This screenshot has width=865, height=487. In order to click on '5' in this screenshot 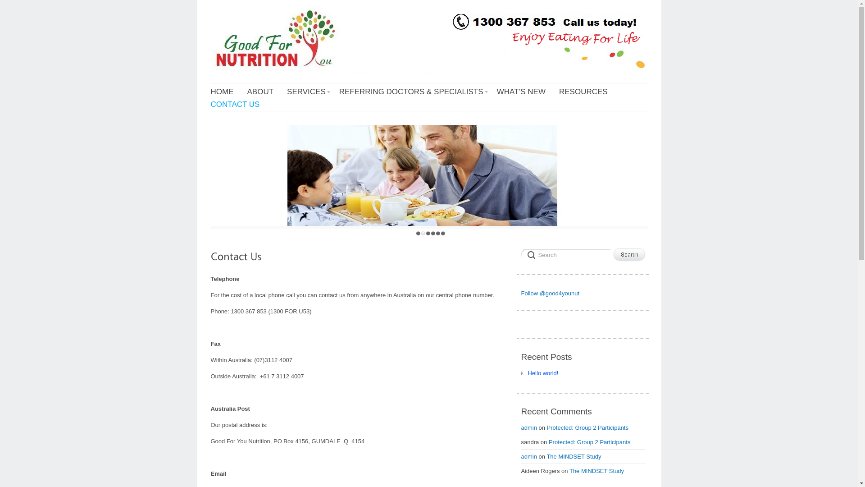, I will do `click(438, 233)`.